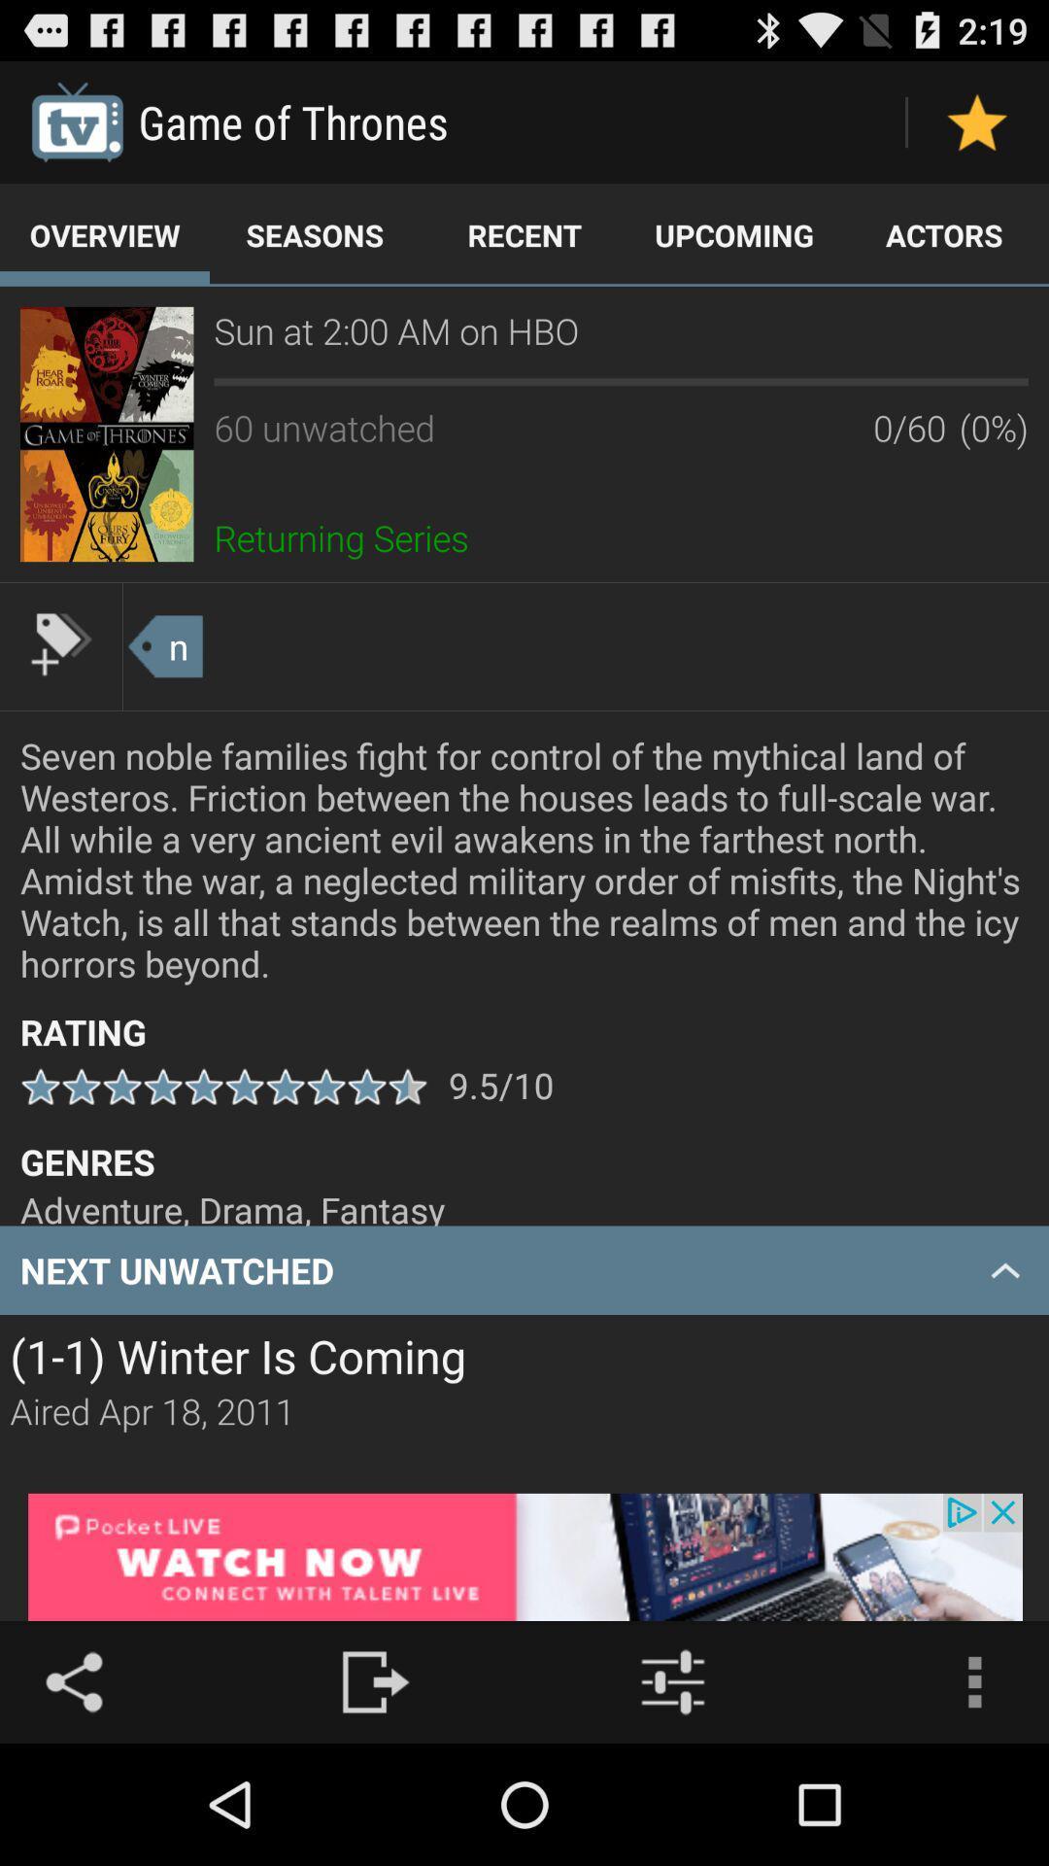  What do you see at coordinates (977, 121) in the screenshot?
I see `favorite` at bounding box center [977, 121].